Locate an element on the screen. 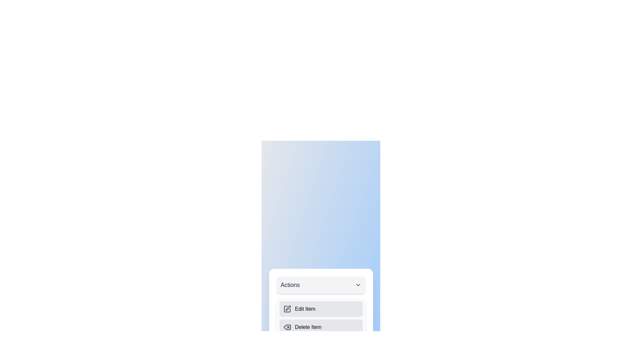 Image resolution: width=624 pixels, height=351 pixels. the 'Actions' button to toggle the menu visibility is located at coordinates (321, 284).